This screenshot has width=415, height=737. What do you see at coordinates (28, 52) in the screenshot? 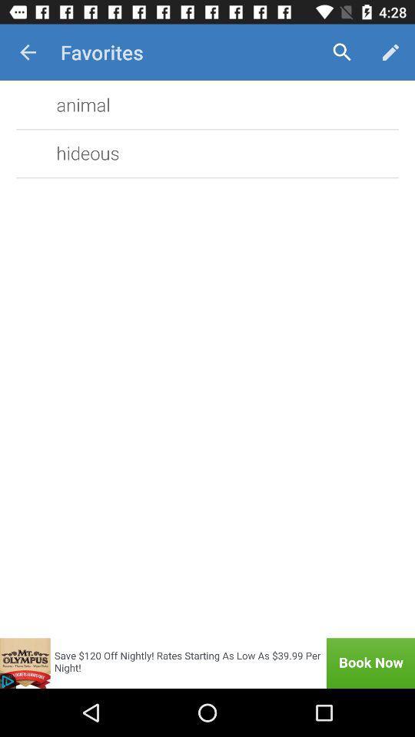
I see `the item to the left of favorites item` at bounding box center [28, 52].